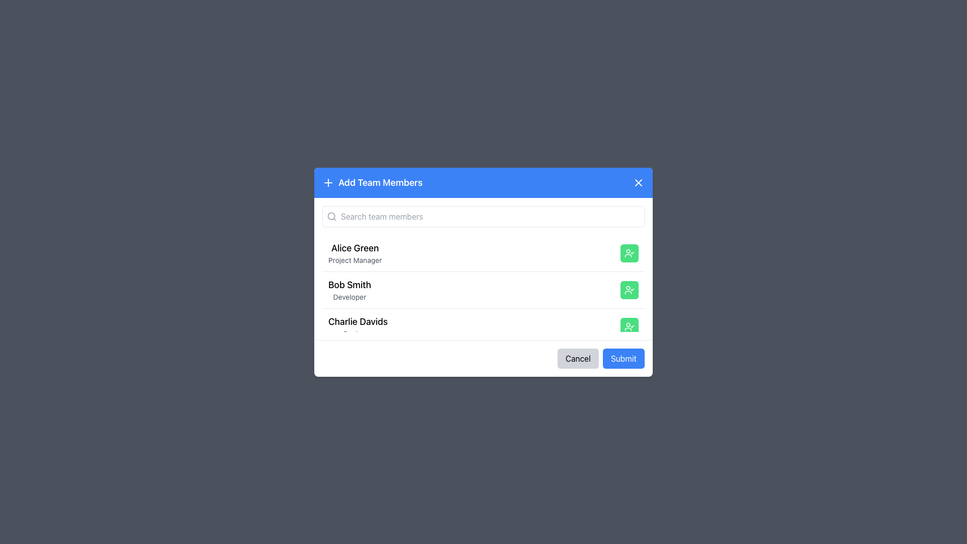  I want to click on the Close Button (X Icon) located in the upper right corner of the modal dialog, so click(638, 182).